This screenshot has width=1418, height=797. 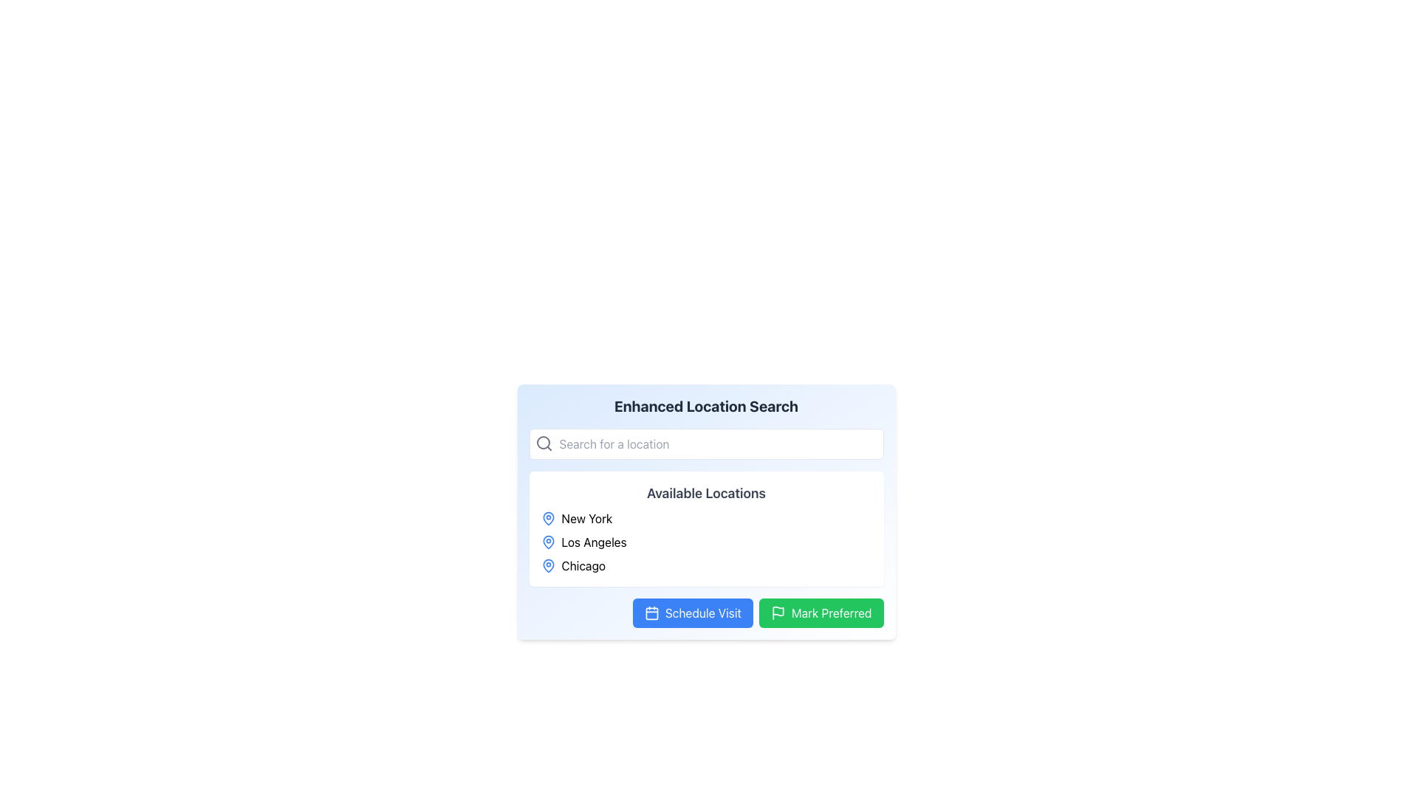 I want to click on the Text Label that serves as a heading for the list of locations displayed beneath it, which is contained within a white background panel with rounded edges, so click(x=705, y=493).